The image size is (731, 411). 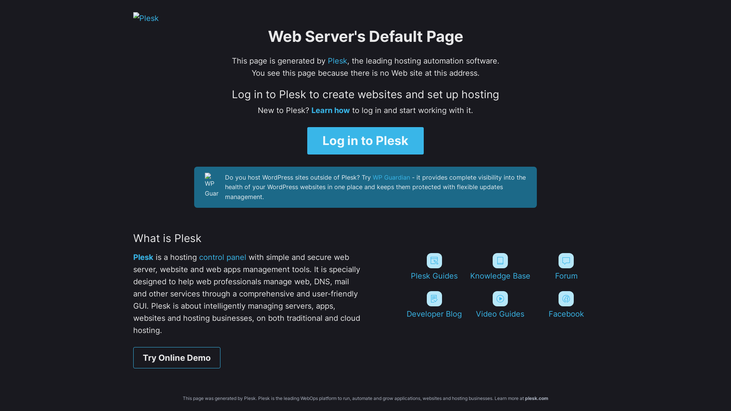 I want to click on 'Learn how', so click(x=330, y=110).